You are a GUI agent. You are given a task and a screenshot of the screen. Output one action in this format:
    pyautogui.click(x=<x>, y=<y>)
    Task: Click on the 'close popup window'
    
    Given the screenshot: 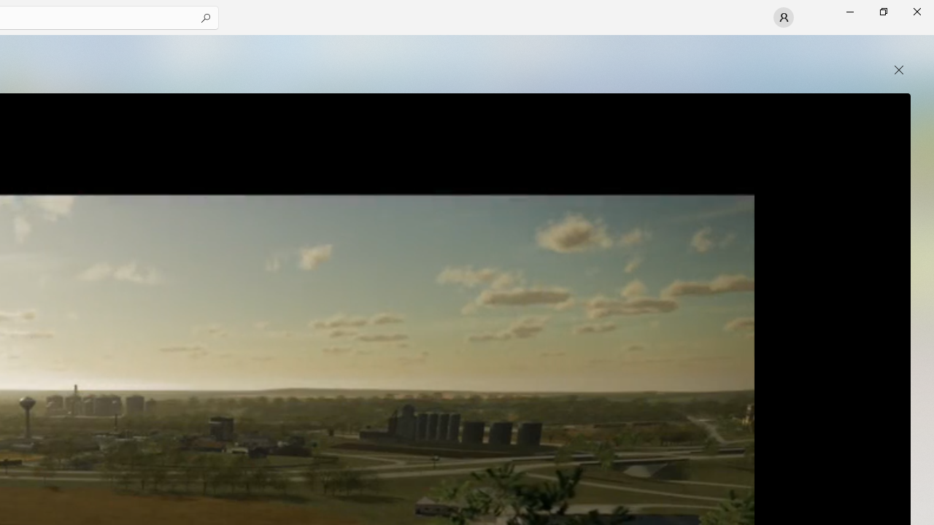 What is the action you would take?
    pyautogui.click(x=898, y=70)
    